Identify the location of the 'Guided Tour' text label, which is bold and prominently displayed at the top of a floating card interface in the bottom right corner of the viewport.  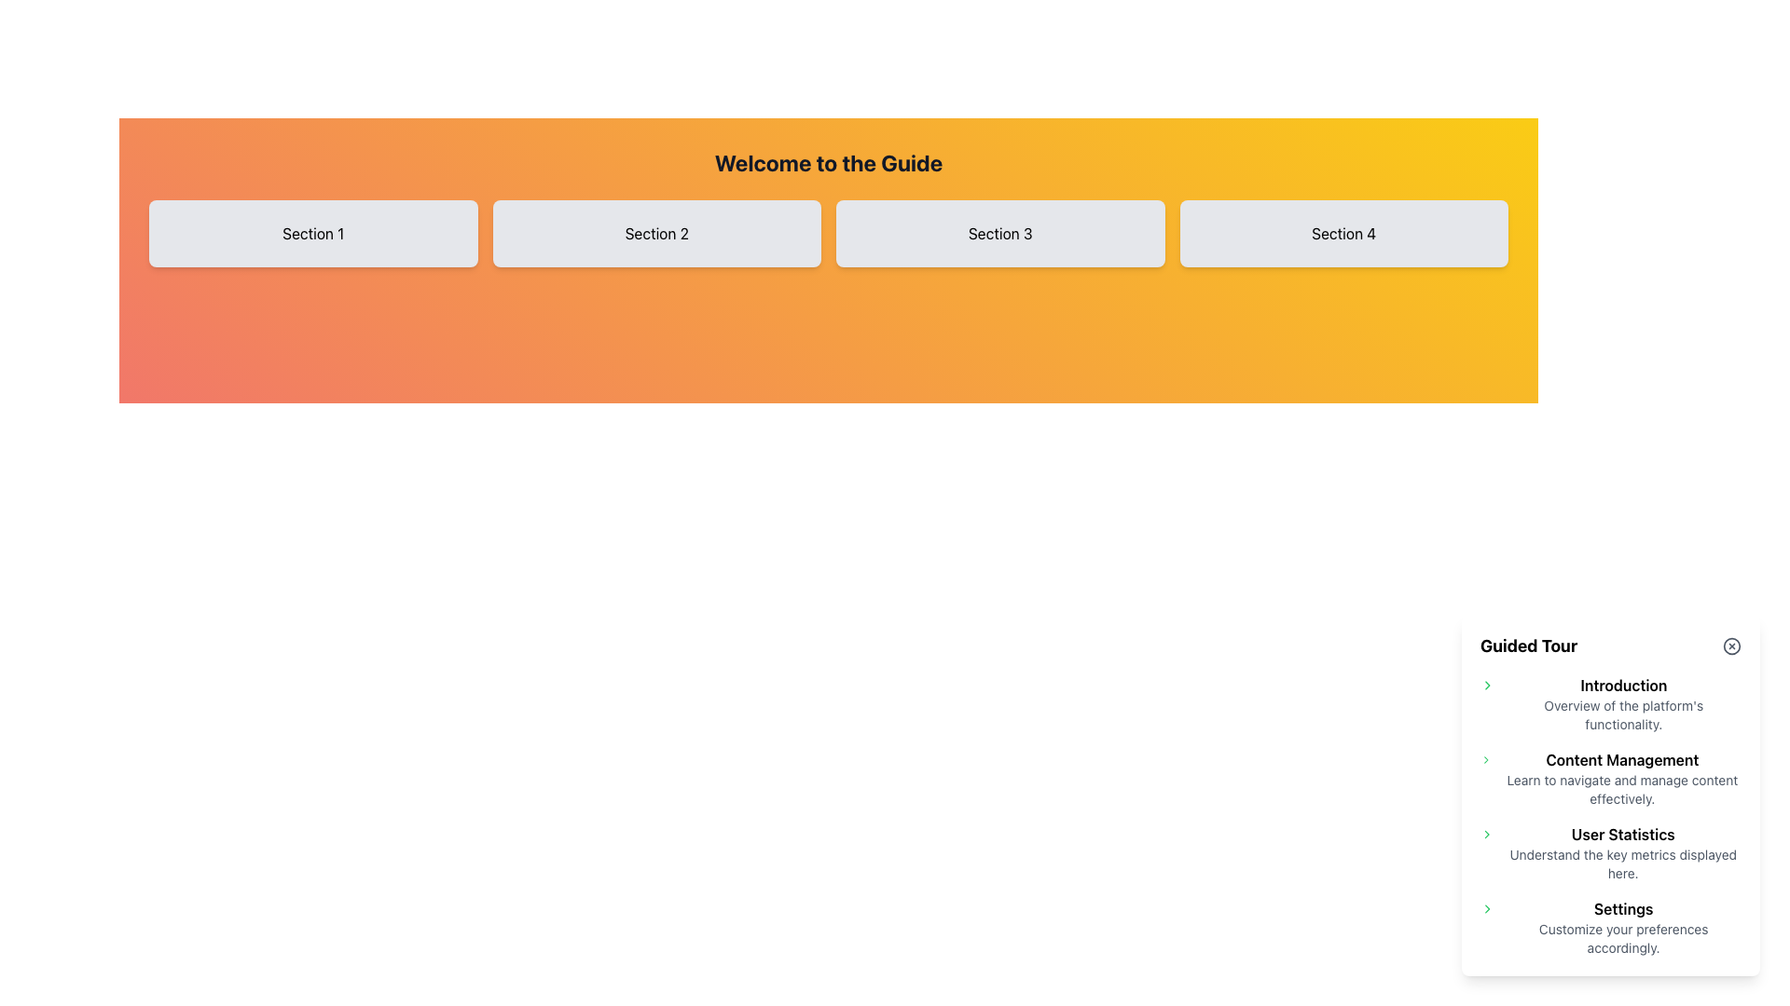
(1529, 646).